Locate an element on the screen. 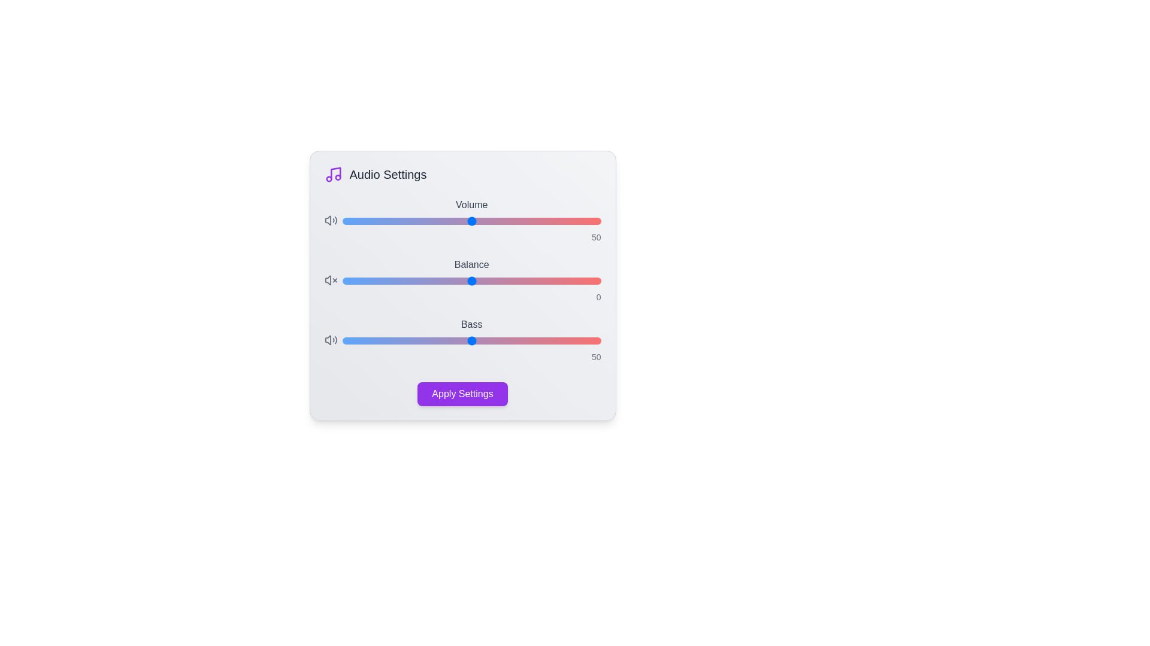 Image resolution: width=1150 pixels, height=646 pixels. the 'Bass' slider to 91 is located at coordinates (577, 341).